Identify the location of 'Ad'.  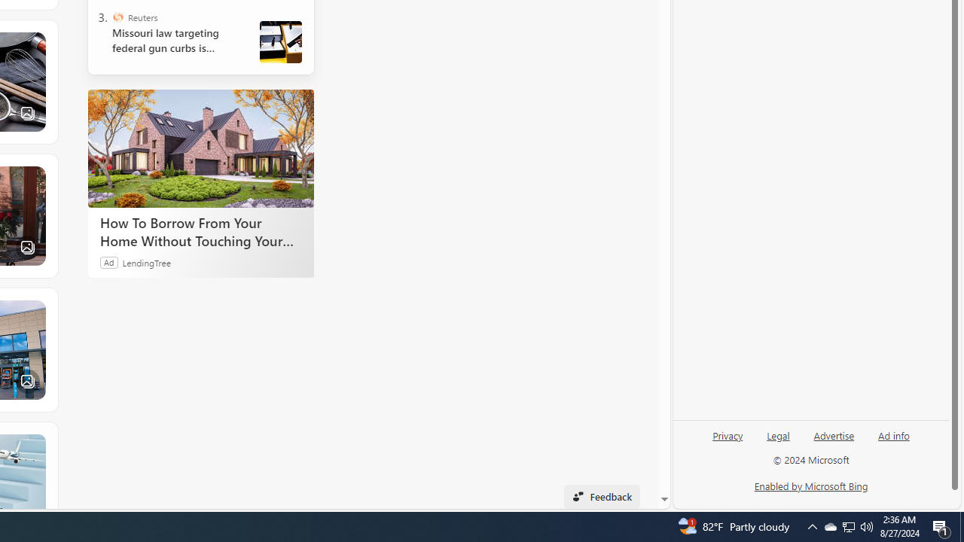
(108, 261).